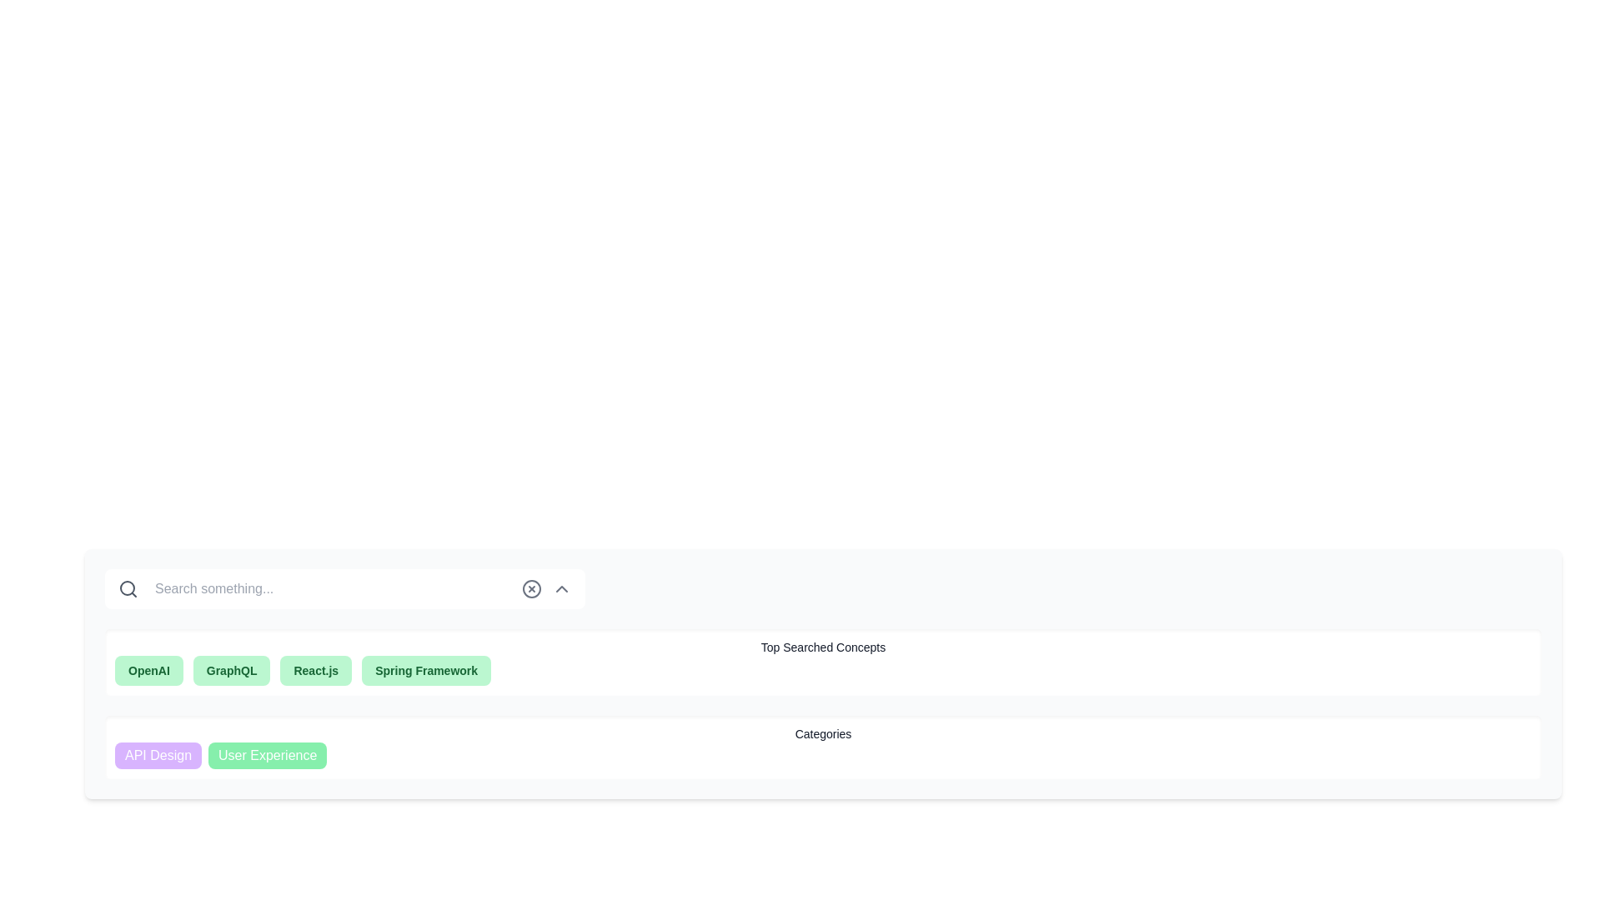 The image size is (1601, 900). Describe the element at coordinates (148, 670) in the screenshot. I see `the first button labeled 'OpenAI', which is a rounded rectangular button with a light green background and bold dark green text, located under the search bar in the 'Top Searched Concepts' section` at that location.